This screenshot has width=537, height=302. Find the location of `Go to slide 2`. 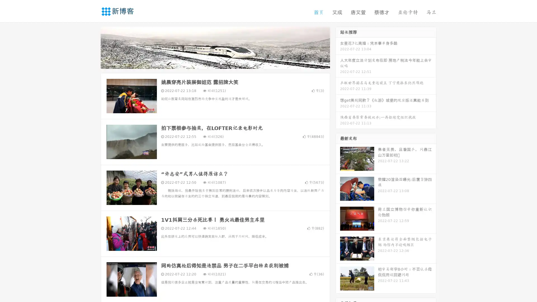

Go to slide 2 is located at coordinates (215, 63).